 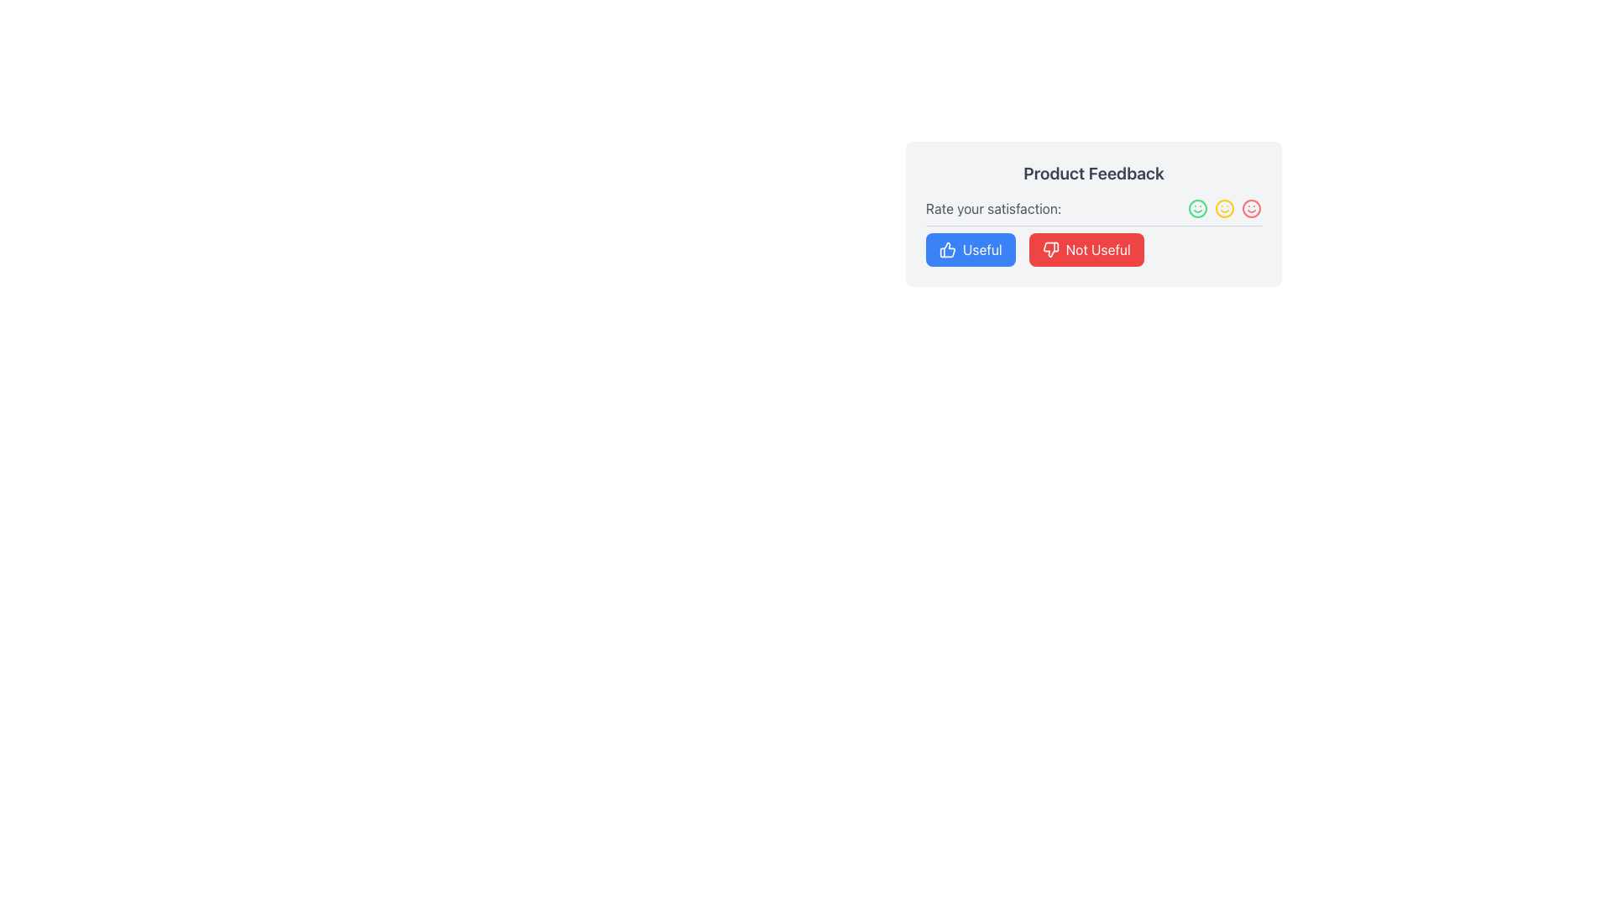 What do you see at coordinates (1225, 208) in the screenshot?
I see `the second circular smiley face icon from the left in the 'Rate your satisfaction' section` at bounding box center [1225, 208].